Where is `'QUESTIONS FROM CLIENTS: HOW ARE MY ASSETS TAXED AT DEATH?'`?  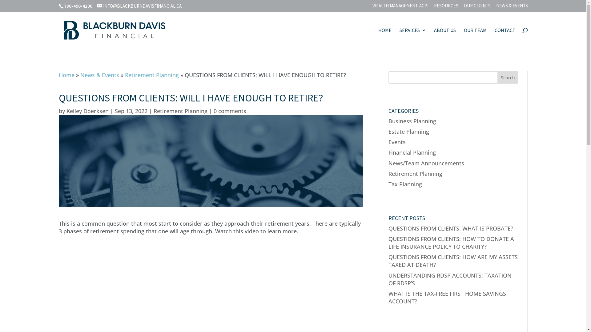
'QUESTIONS FROM CLIENTS: HOW ARE MY ASSETS TAXED AT DEATH?' is located at coordinates (453, 261).